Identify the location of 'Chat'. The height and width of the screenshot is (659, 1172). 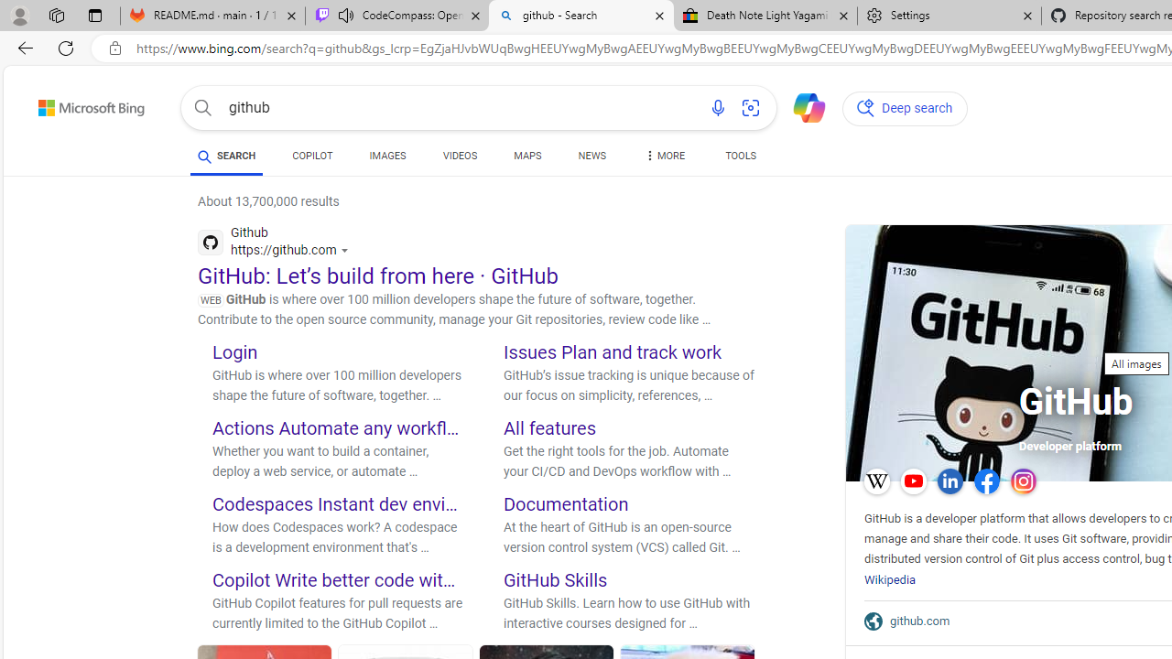
(801, 106).